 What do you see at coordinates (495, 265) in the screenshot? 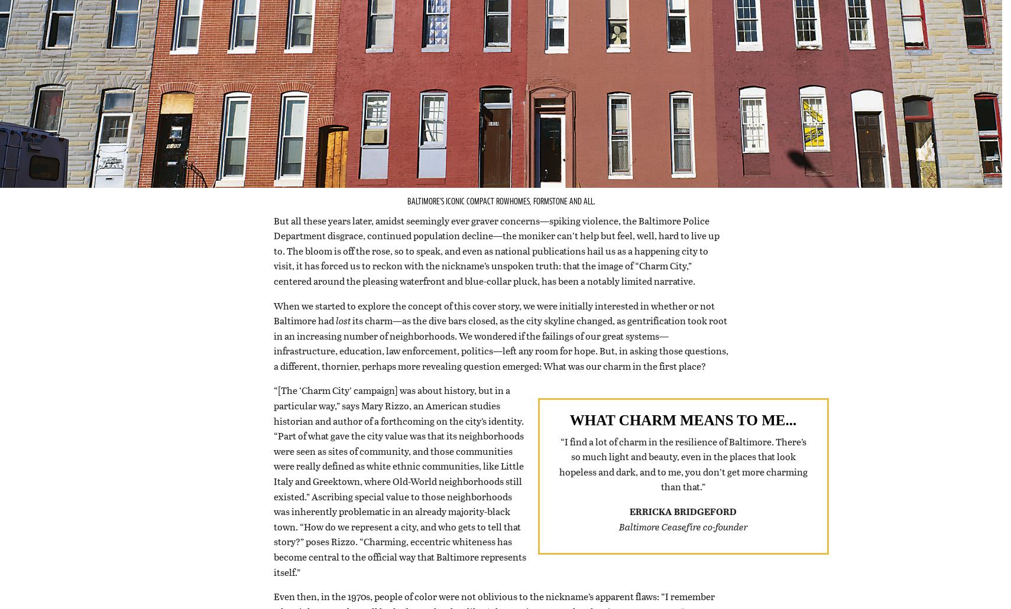
I see `'But all these years later, amidst seemingly ever graver concerns—spiking violence, the Baltimore Police Department disgrace, continued population decline—the moniker can’t help but feel, well, hard to live up to. The bloom is off the rose, so to speak, and even as national publications hail us as a happening city to visit, it has forced us to reckon with the nickname’s unspoken truth: that the image of “Charm City,” centered around the pleasing waterfront and blue-collar pluck, has been a notably limited narrative.'` at bounding box center [495, 265].